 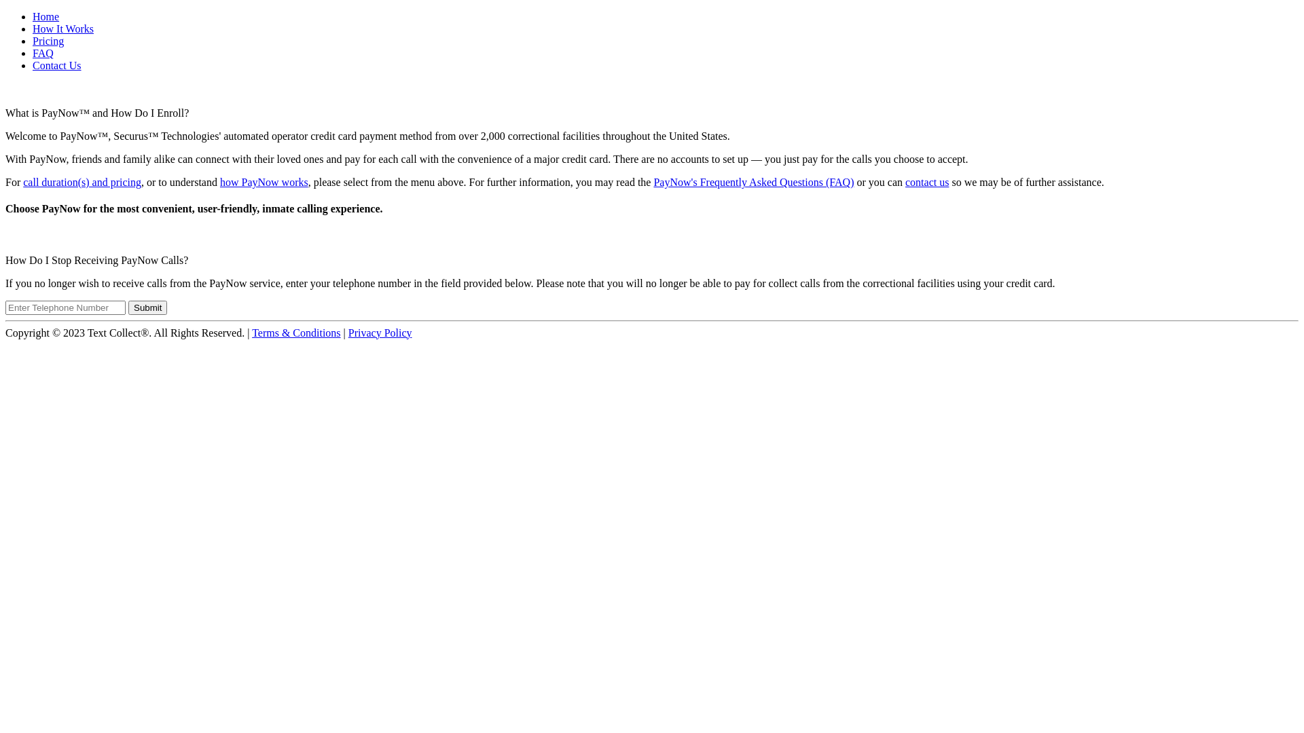 I want to click on 'Contact Us', so click(x=56, y=65).